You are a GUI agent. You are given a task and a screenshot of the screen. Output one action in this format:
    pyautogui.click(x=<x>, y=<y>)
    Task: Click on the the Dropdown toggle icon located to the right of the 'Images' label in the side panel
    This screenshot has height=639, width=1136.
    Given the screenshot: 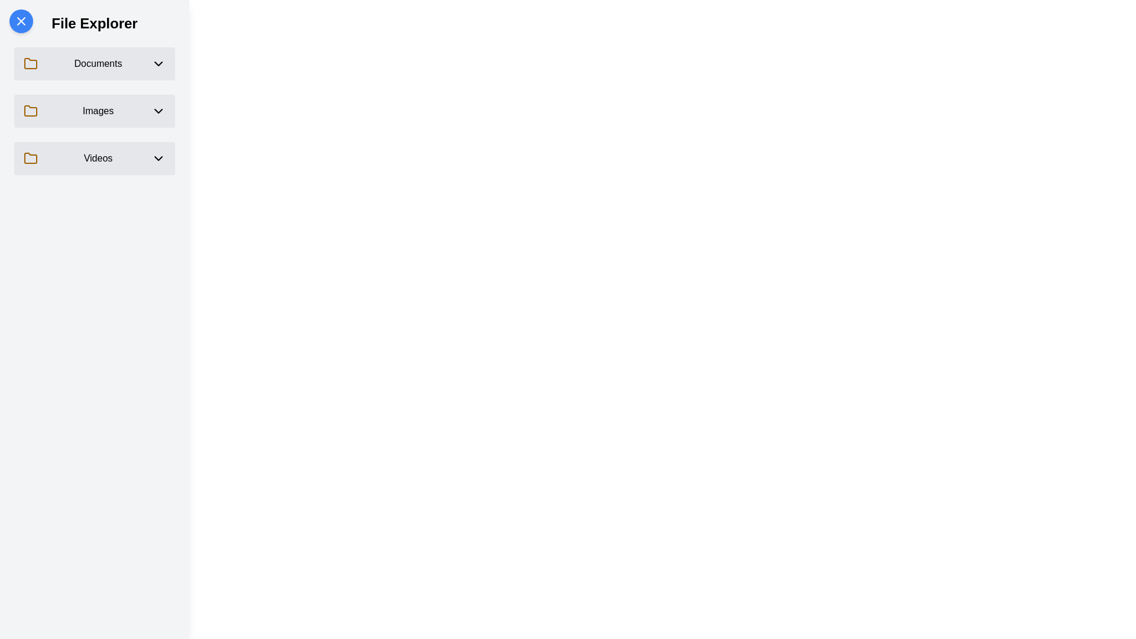 What is the action you would take?
    pyautogui.click(x=158, y=111)
    